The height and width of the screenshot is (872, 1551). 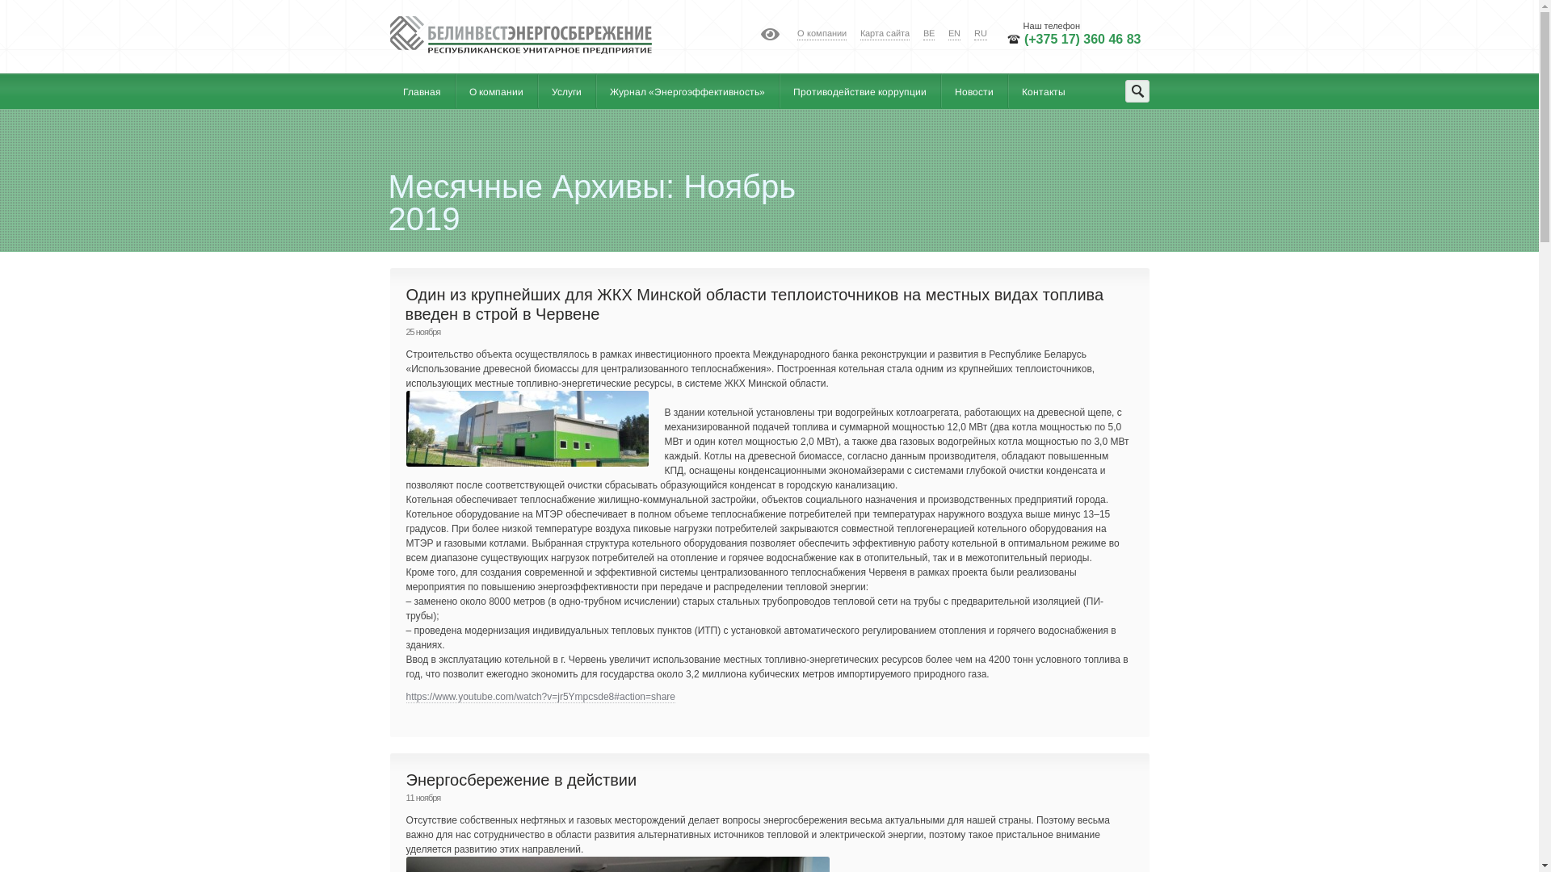 What do you see at coordinates (406, 696) in the screenshot?
I see `'https://www.youtube.com/watch?v=jr5Ympcsde8#action=share'` at bounding box center [406, 696].